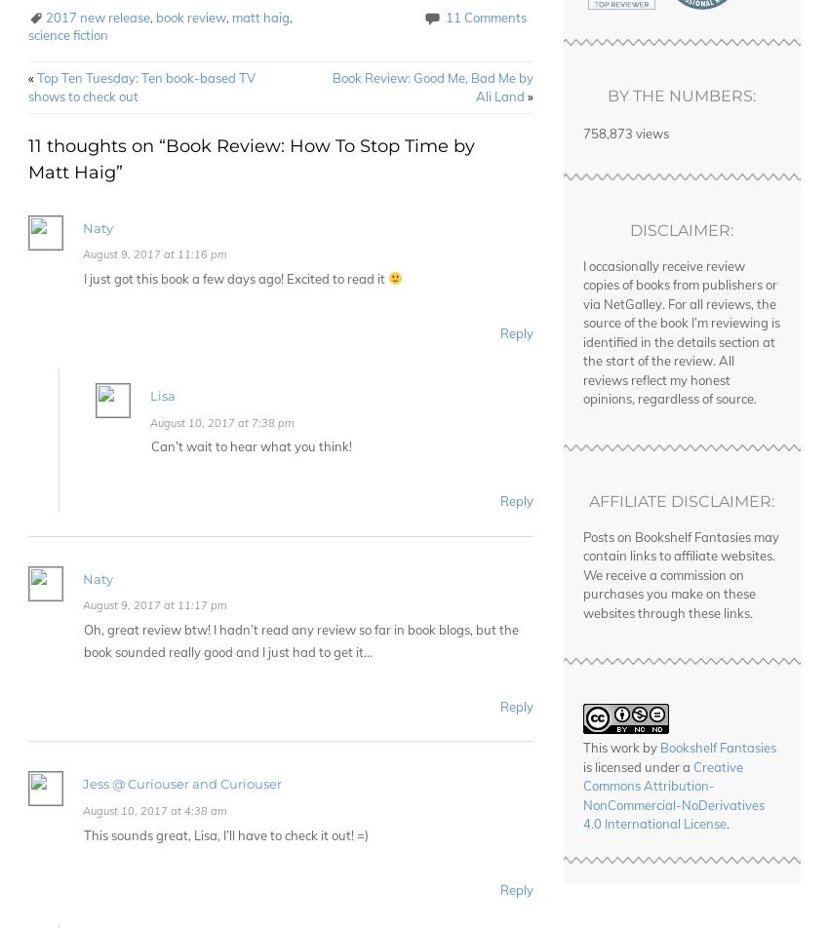  I want to click on '758,873 views', so click(626, 133).